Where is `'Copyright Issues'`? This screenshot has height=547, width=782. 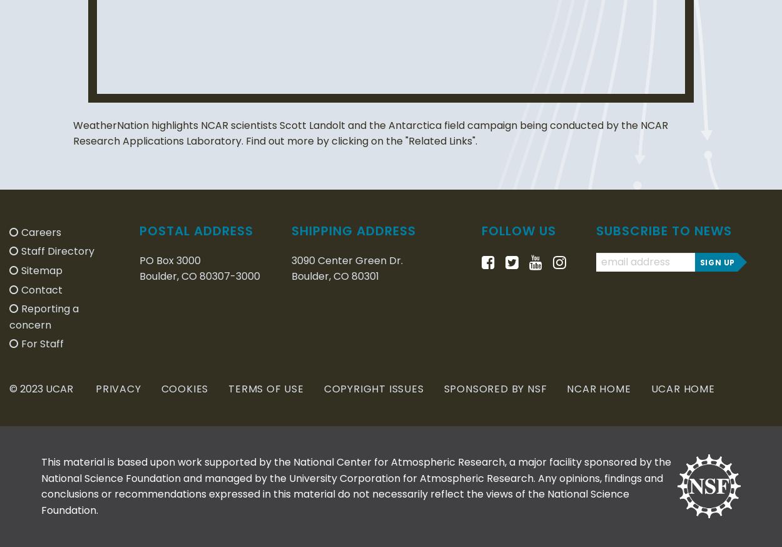
'Copyright Issues' is located at coordinates (373, 388).